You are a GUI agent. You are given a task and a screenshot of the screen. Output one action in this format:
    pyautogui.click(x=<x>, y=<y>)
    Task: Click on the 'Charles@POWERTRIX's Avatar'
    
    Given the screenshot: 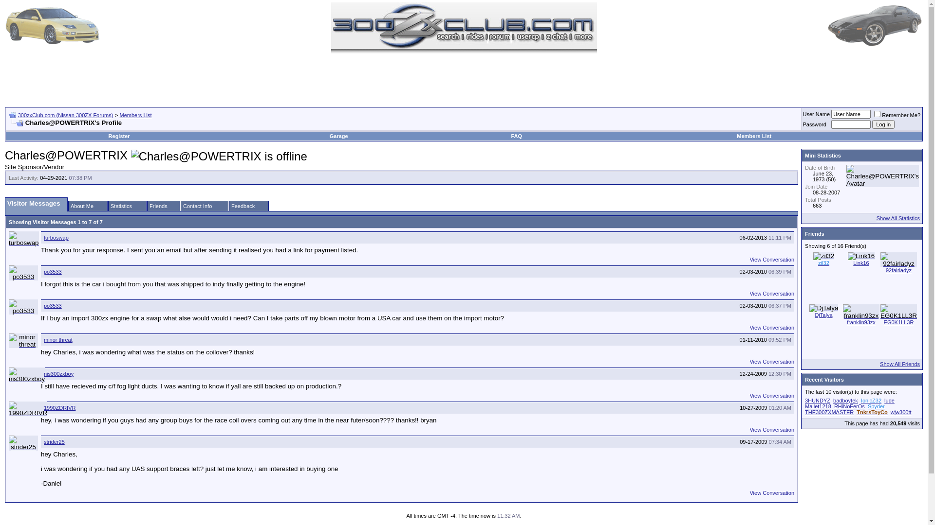 What is the action you would take?
    pyautogui.click(x=882, y=176)
    